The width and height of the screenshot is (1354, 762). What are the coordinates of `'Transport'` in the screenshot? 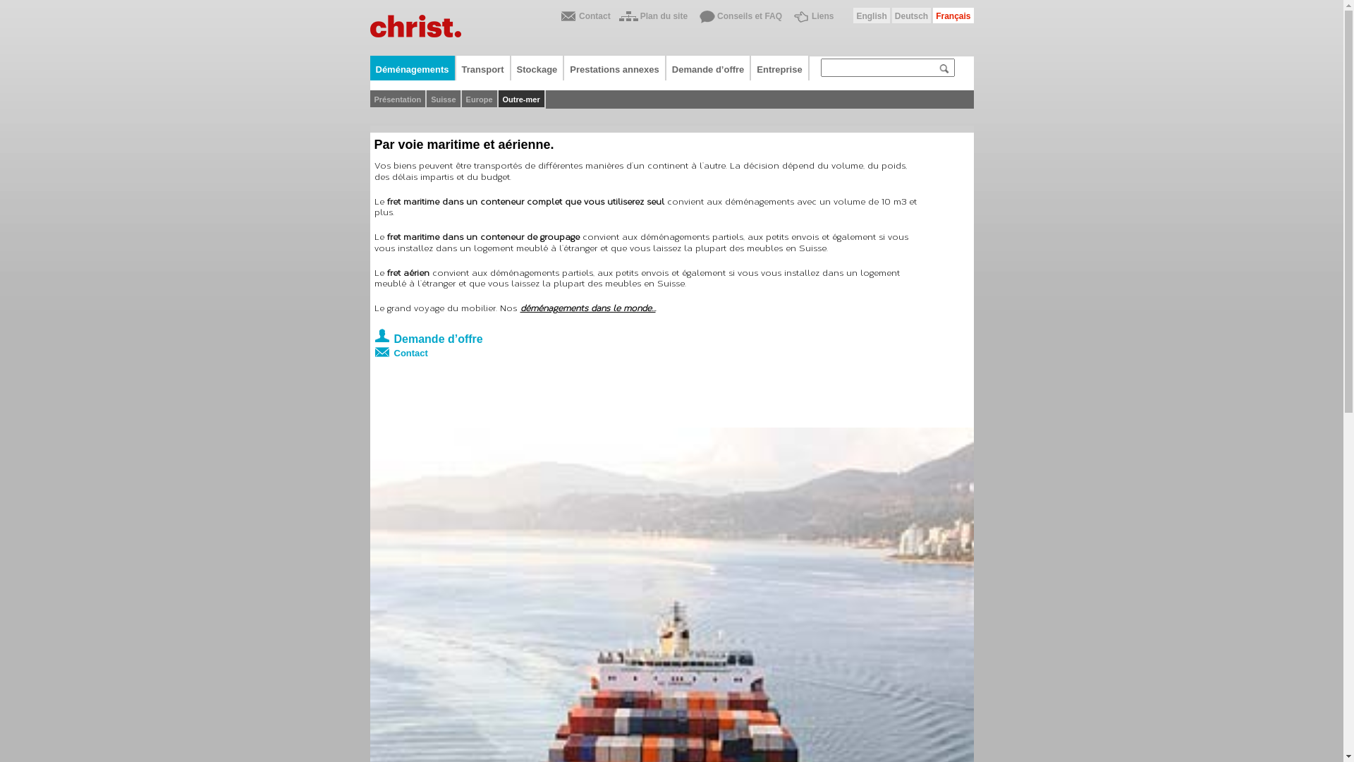 It's located at (484, 68).